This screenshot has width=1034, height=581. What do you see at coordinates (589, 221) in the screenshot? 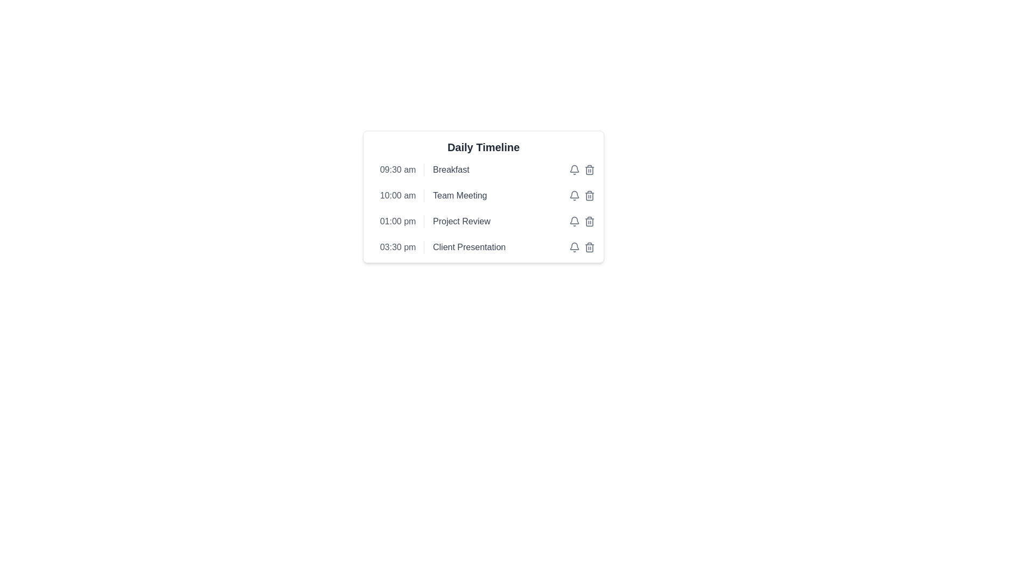
I see `the trash bin icon element representing the bin itself, which is part of the '01:00 pm Project Review' entry in the timeline interface` at bounding box center [589, 221].